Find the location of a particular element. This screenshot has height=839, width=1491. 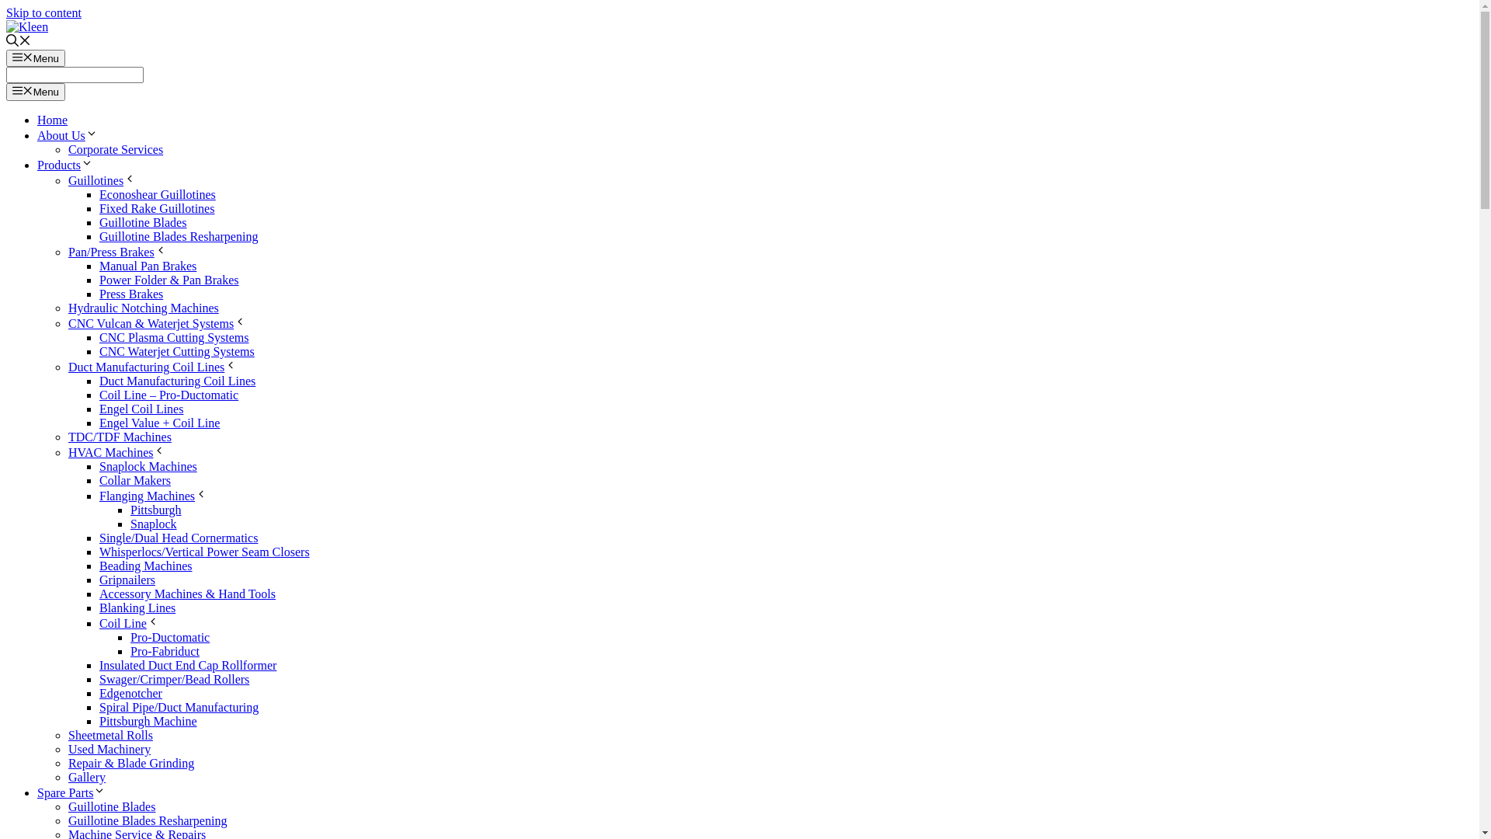

'TDC/TDF Machines' is located at coordinates (119, 437).